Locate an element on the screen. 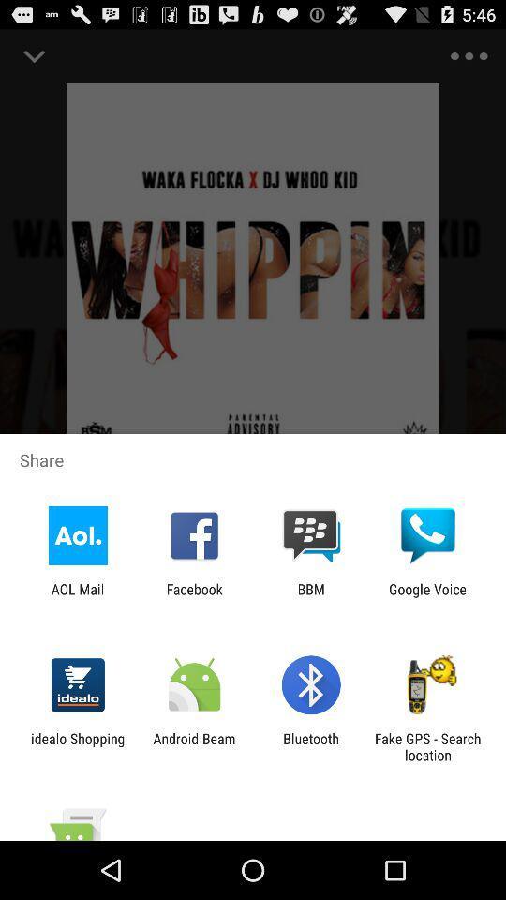 This screenshot has width=506, height=900. google voice item is located at coordinates (427, 596).